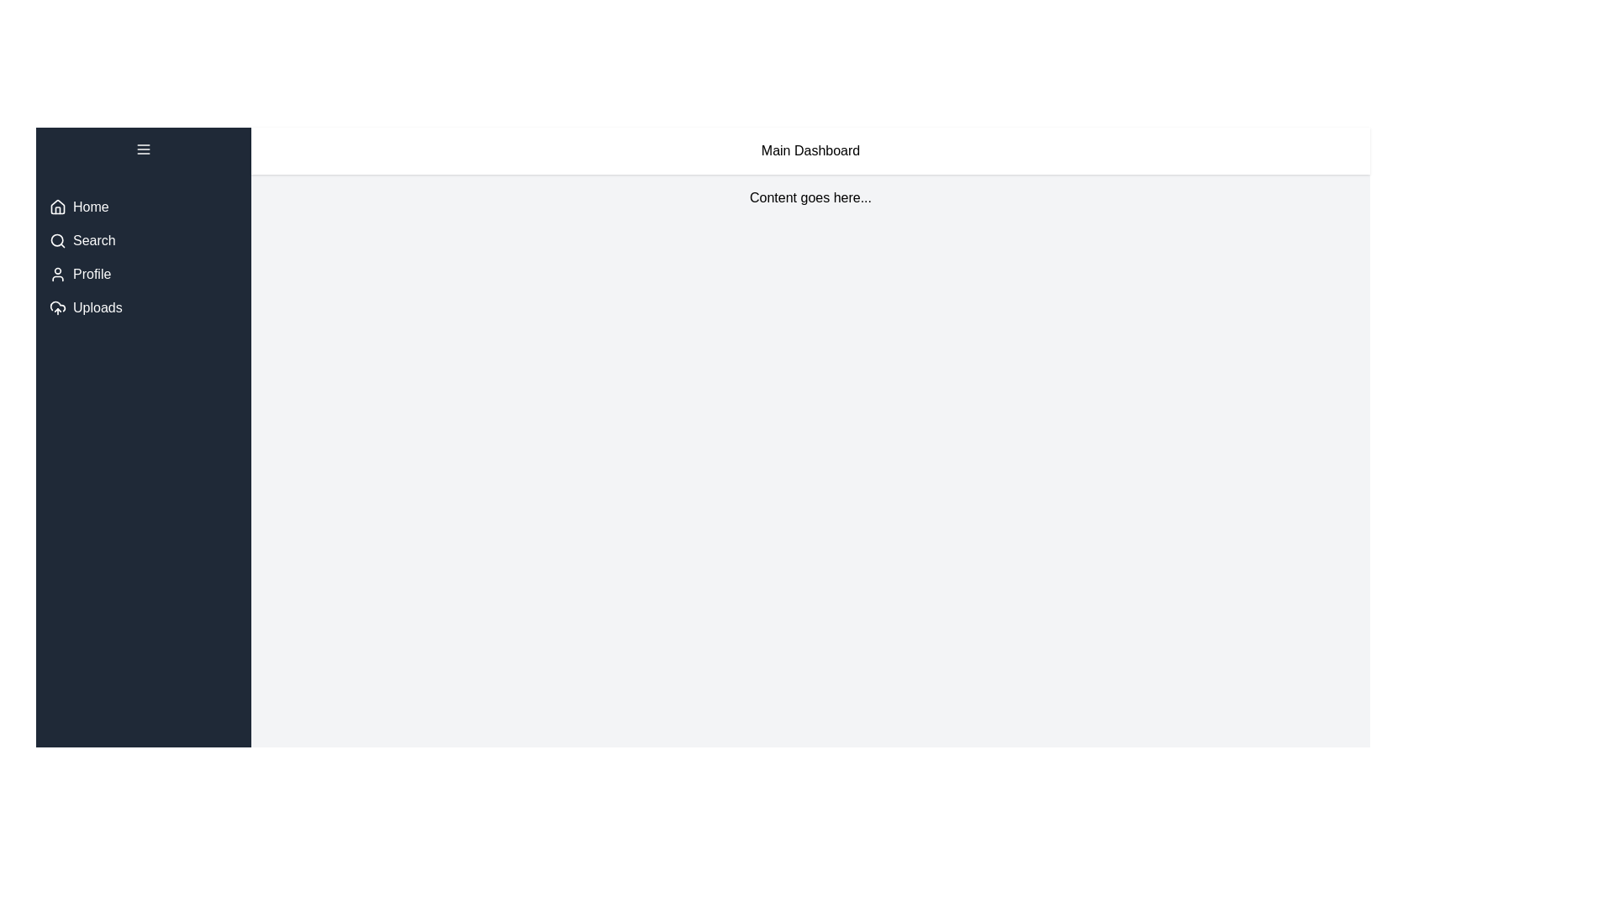 Image resolution: width=1614 pixels, height=907 pixels. What do you see at coordinates (810, 151) in the screenshot?
I see `the 'Main Dashboard' text label, which displays black text on a white background and is located at the top central part of the interface` at bounding box center [810, 151].